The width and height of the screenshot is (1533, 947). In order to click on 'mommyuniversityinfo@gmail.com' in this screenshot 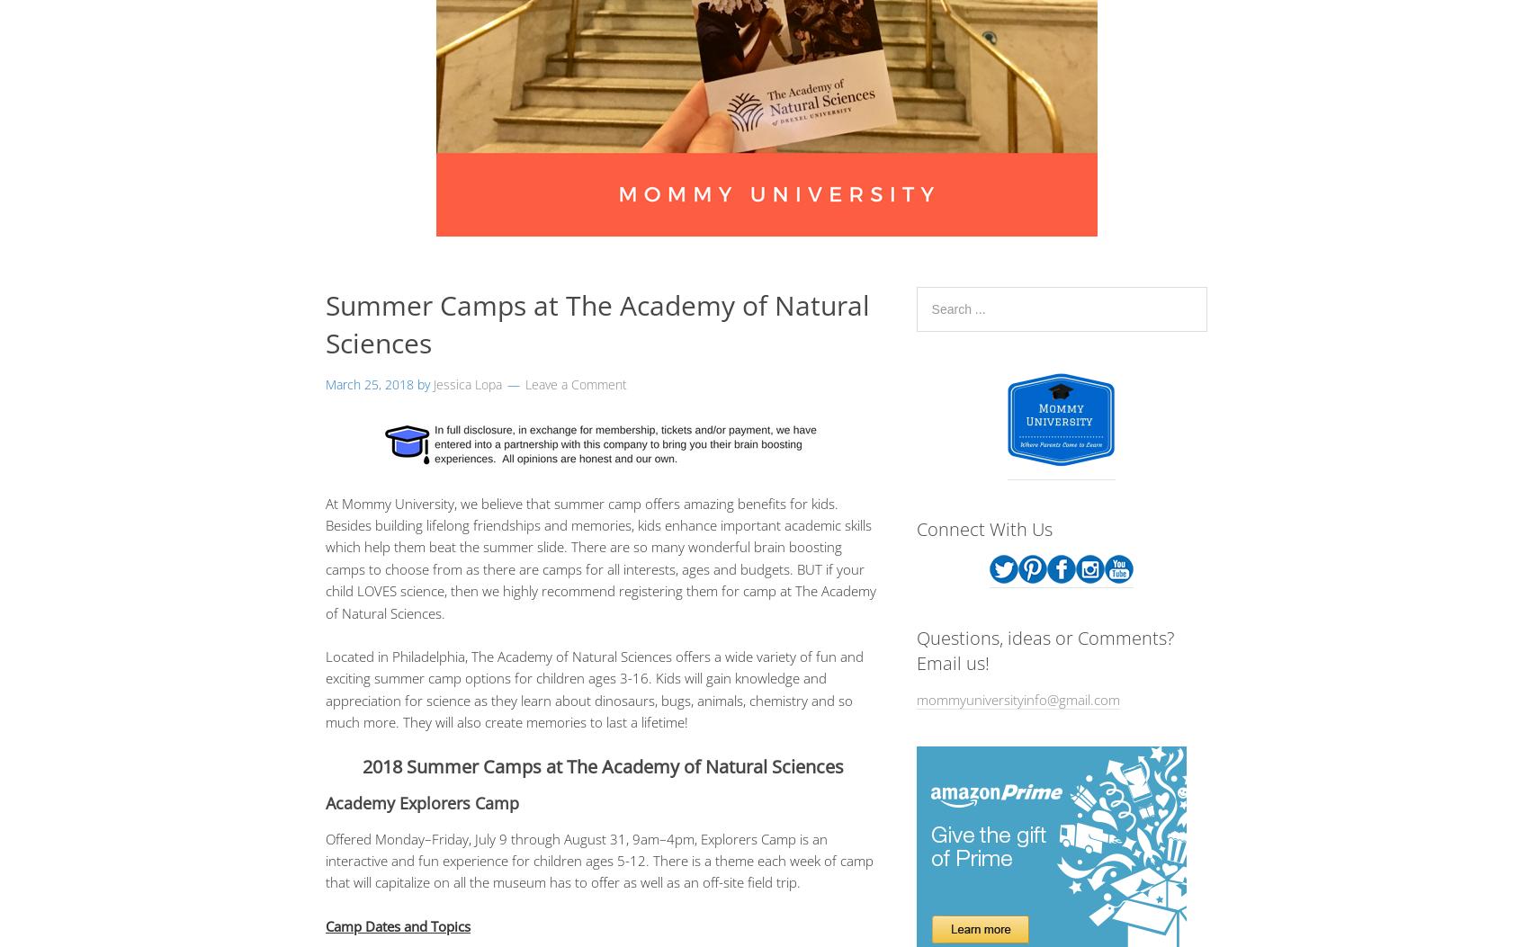, I will do `click(1016, 699)`.